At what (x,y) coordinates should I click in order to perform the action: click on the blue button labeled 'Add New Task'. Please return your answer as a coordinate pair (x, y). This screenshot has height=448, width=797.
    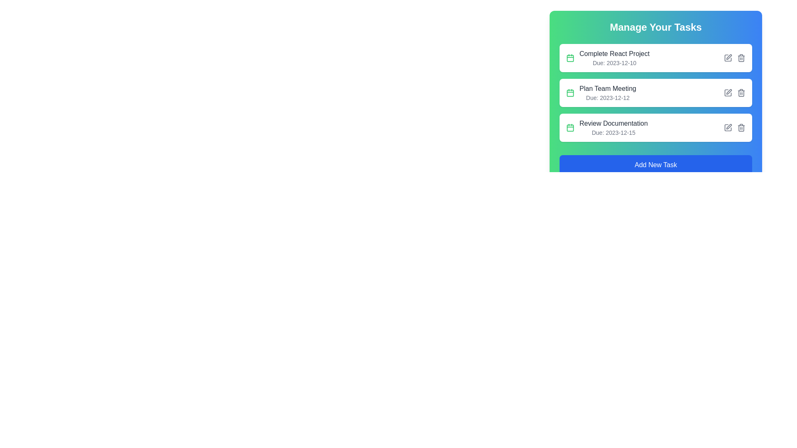
    Looking at the image, I should click on (655, 165).